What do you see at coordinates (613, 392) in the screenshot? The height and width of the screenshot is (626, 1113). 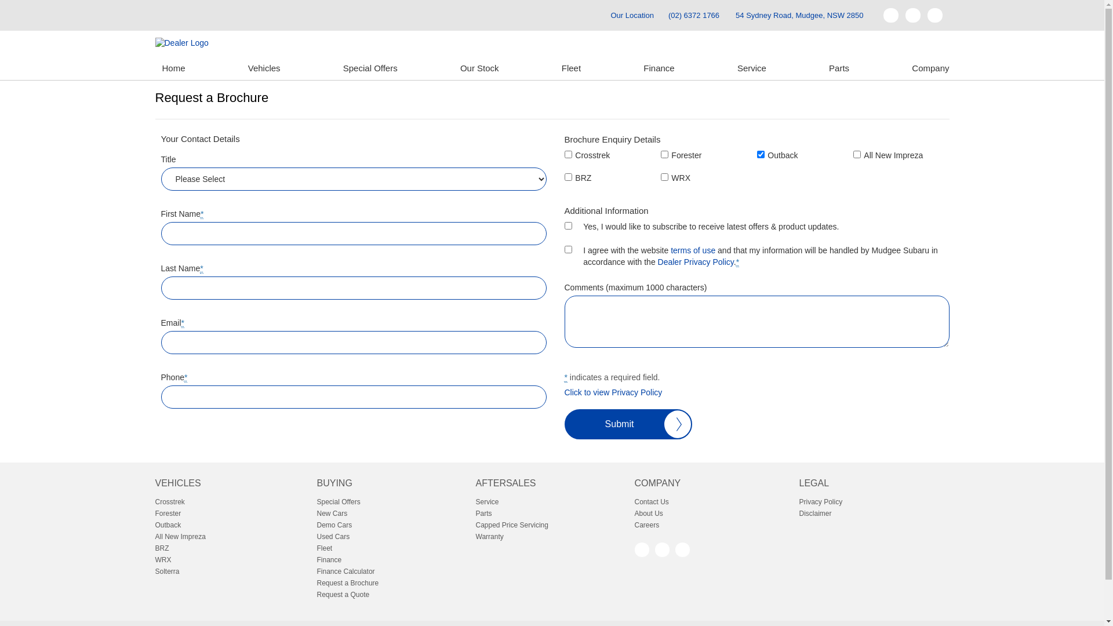 I see `'Click to view Privacy Policy'` at bounding box center [613, 392].